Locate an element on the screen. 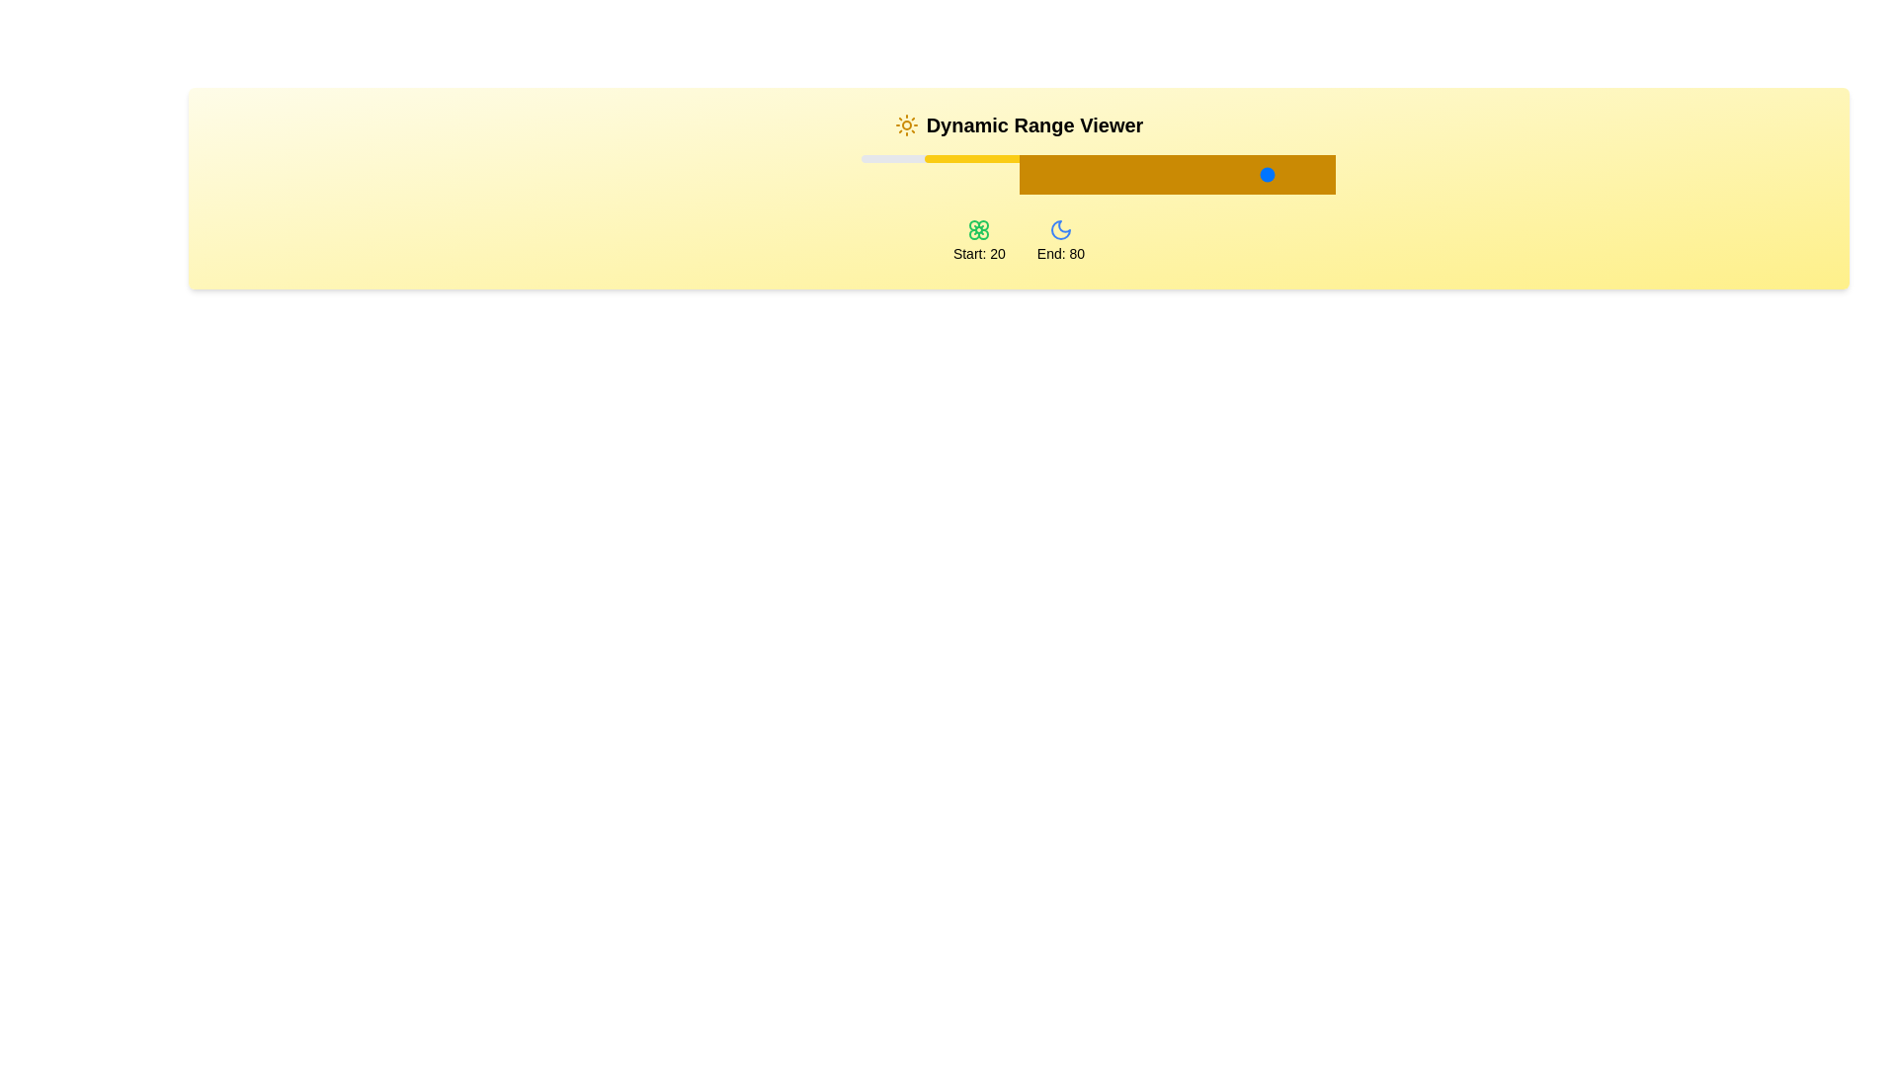 The height and width of the screenshot is (1067, 1897). the slider value is located at coordinates (1158, 174).